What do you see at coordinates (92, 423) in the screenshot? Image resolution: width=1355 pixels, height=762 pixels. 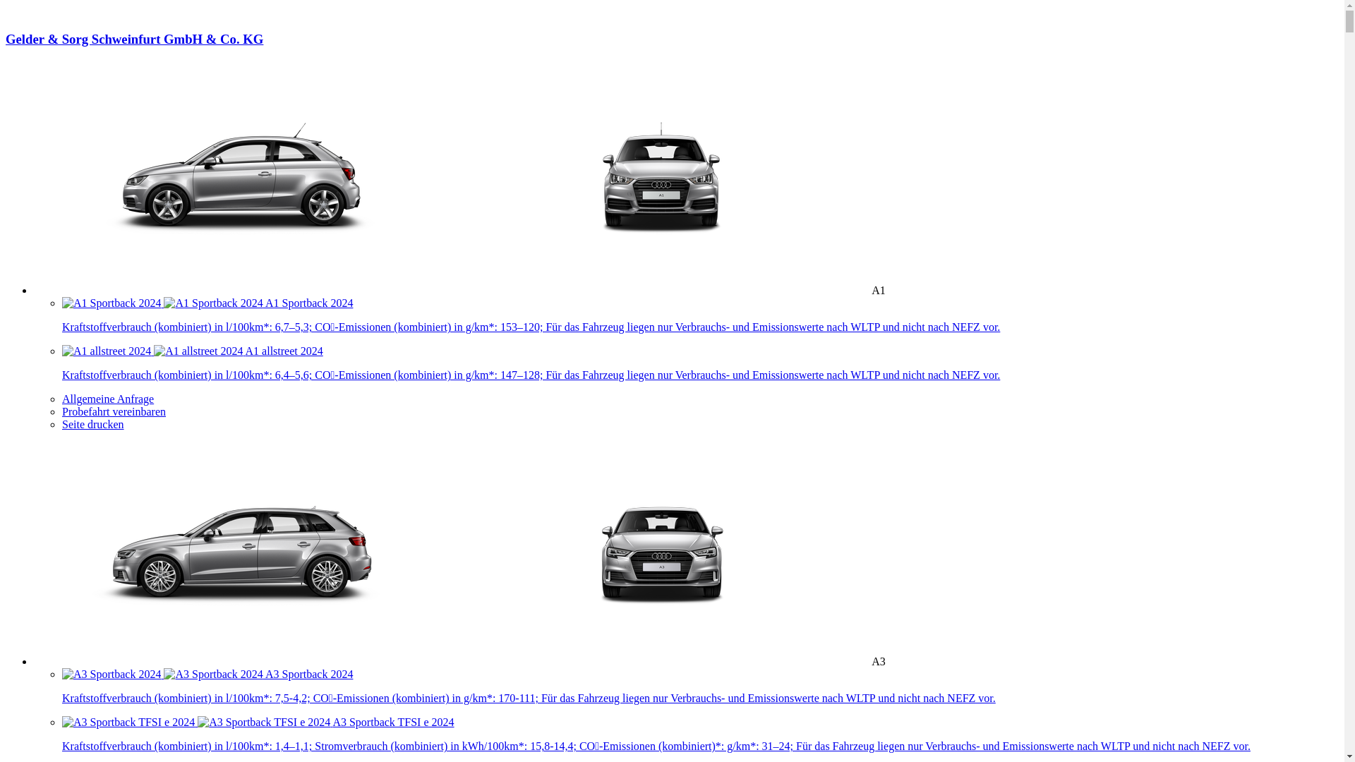 I see `'Seite drucken'` at bounding box center [92, 423].